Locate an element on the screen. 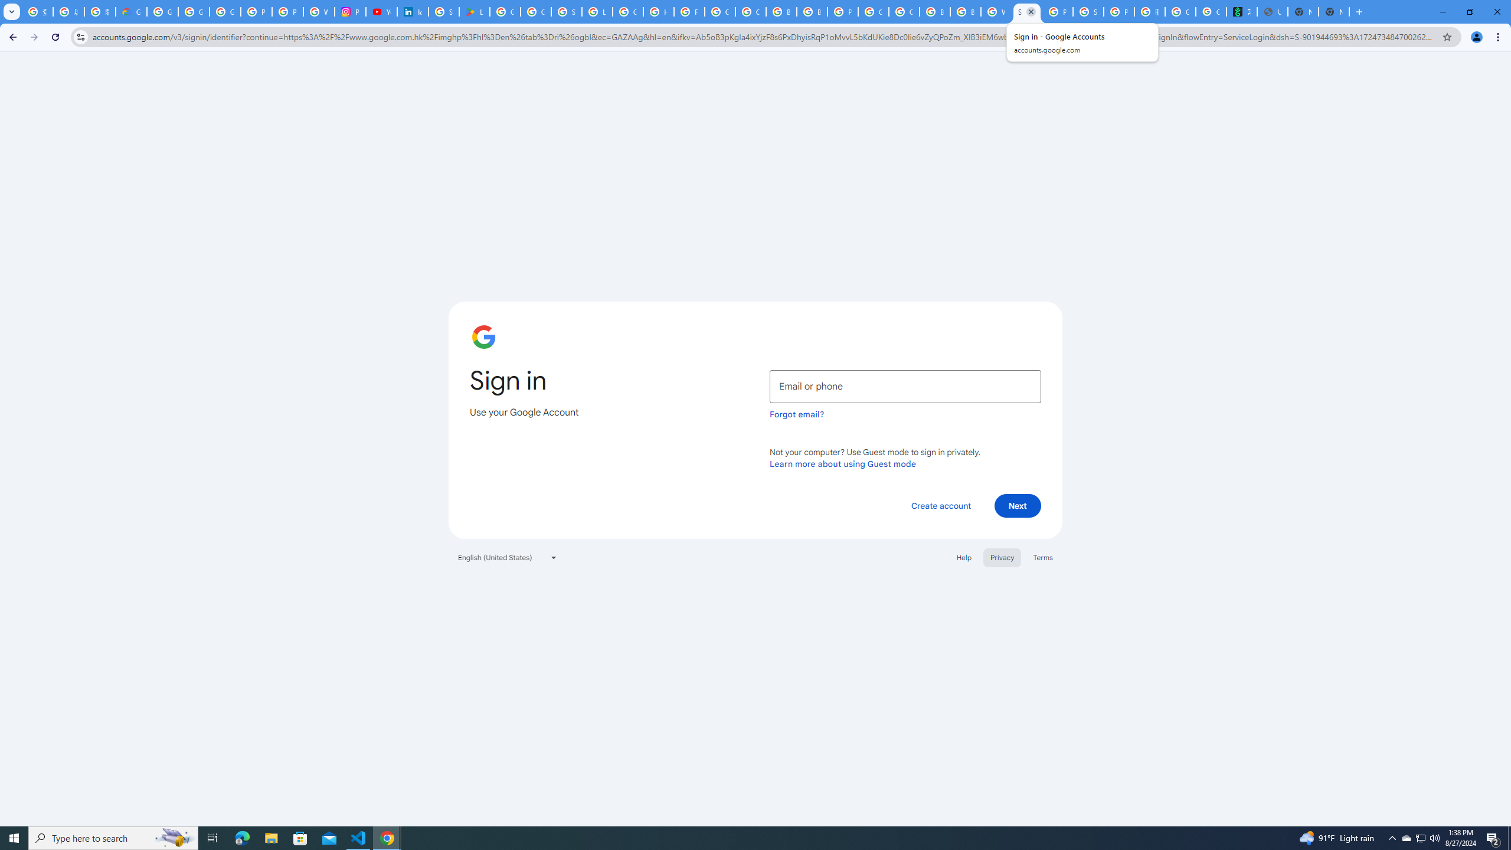 Image resolution: width=1511 pixels, height=850 pixels. 'Email or phone' is located at coordinates (905, 386).